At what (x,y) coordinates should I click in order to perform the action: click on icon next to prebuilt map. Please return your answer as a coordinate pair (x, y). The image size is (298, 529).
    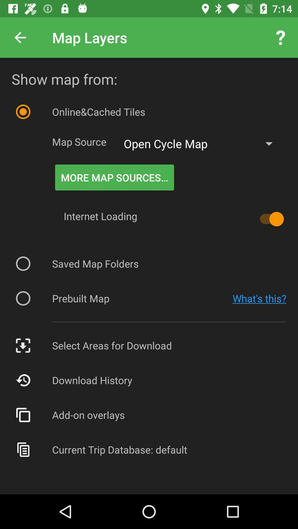
    Looking at the image, I should click on (259, 298).